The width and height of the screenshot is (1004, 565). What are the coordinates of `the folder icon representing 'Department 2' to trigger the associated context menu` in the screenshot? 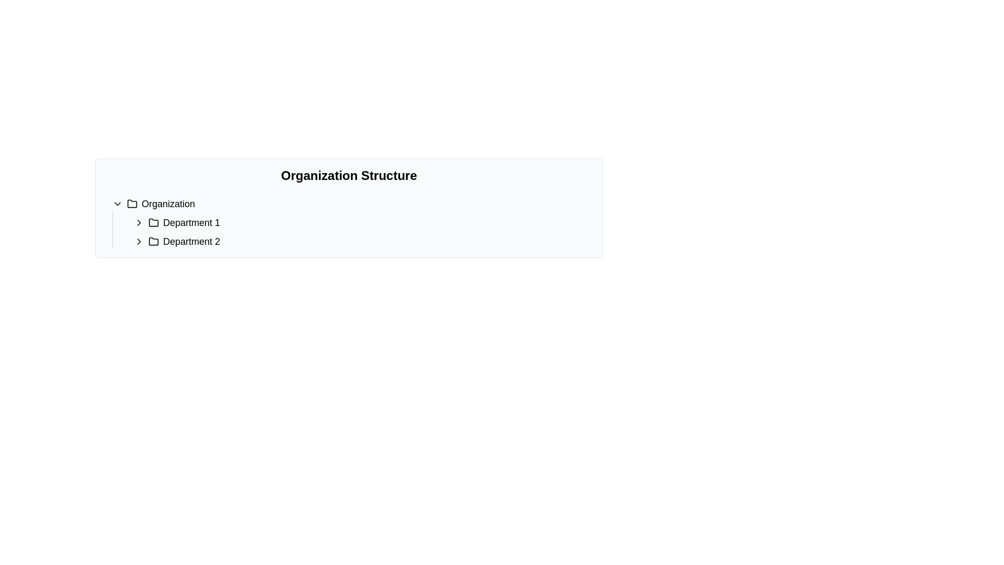 It's located at (153, 242).